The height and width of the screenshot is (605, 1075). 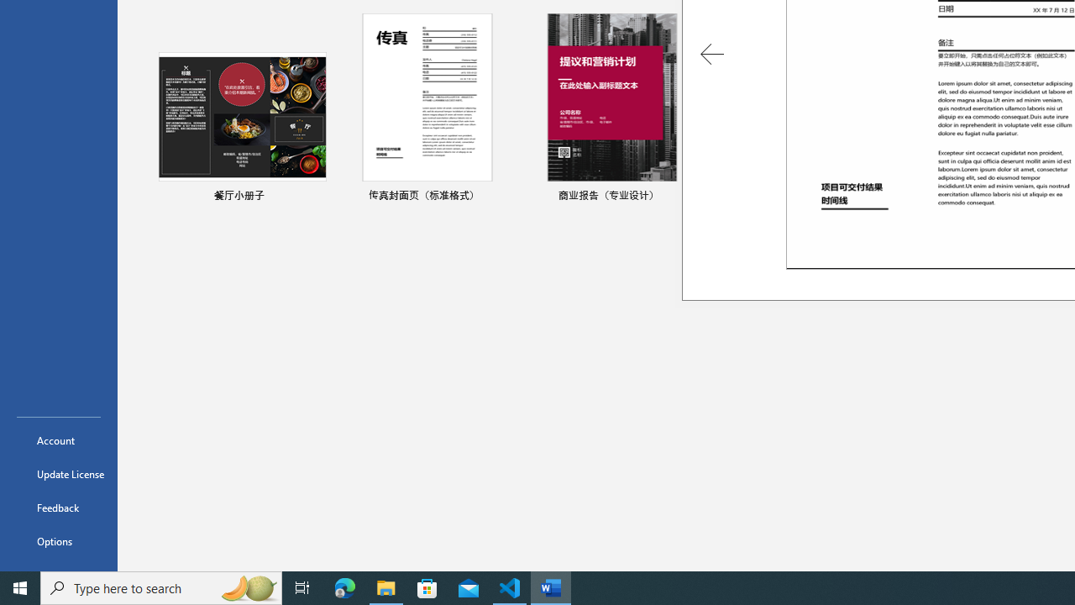 What do you see at coordinates (712, 53) in the screenshot?
I see `'Previous Template'` at bounding box center [712, 53].